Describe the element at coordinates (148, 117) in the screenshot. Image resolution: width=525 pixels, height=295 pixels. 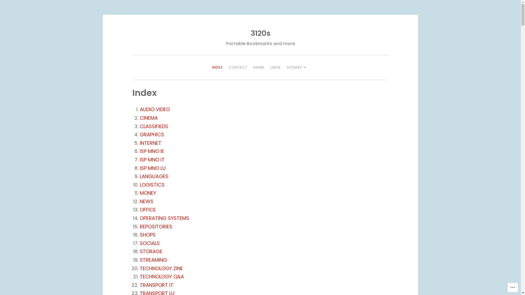
I see `'CINEMA'` at that location.